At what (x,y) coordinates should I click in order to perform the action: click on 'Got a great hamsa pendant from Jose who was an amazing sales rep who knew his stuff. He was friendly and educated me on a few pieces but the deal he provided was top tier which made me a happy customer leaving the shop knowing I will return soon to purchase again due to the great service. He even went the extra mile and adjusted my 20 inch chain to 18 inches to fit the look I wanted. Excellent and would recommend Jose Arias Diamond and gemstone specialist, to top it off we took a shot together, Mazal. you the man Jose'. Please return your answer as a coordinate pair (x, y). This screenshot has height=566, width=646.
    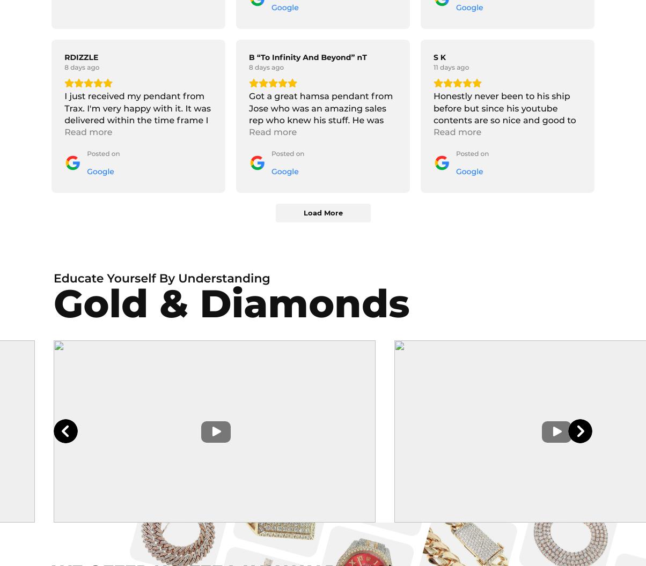
    Looking at the image, I should click on (321, 198).